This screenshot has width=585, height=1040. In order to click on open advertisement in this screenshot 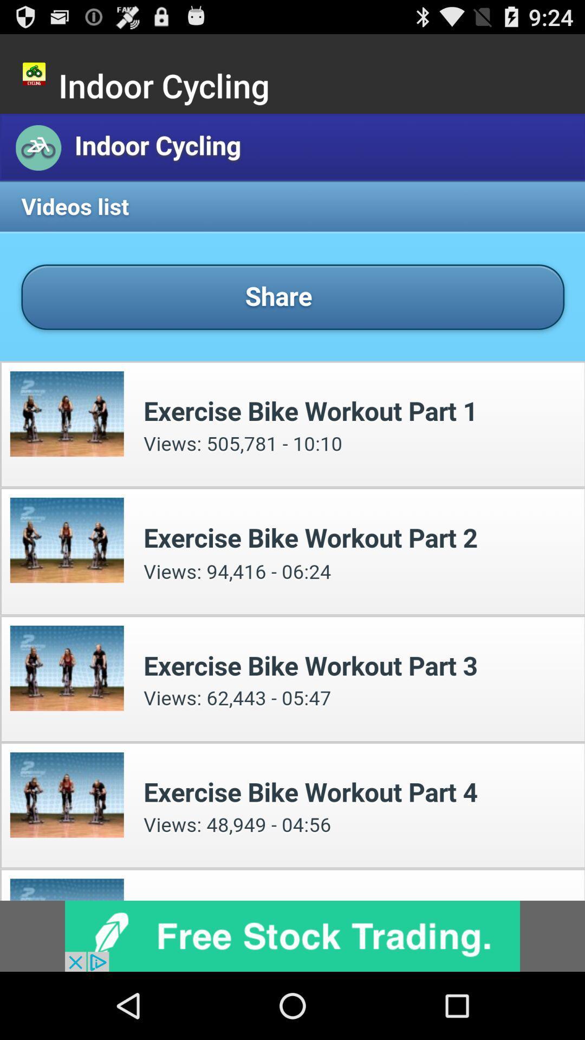, I will do `click(292, 935)`.